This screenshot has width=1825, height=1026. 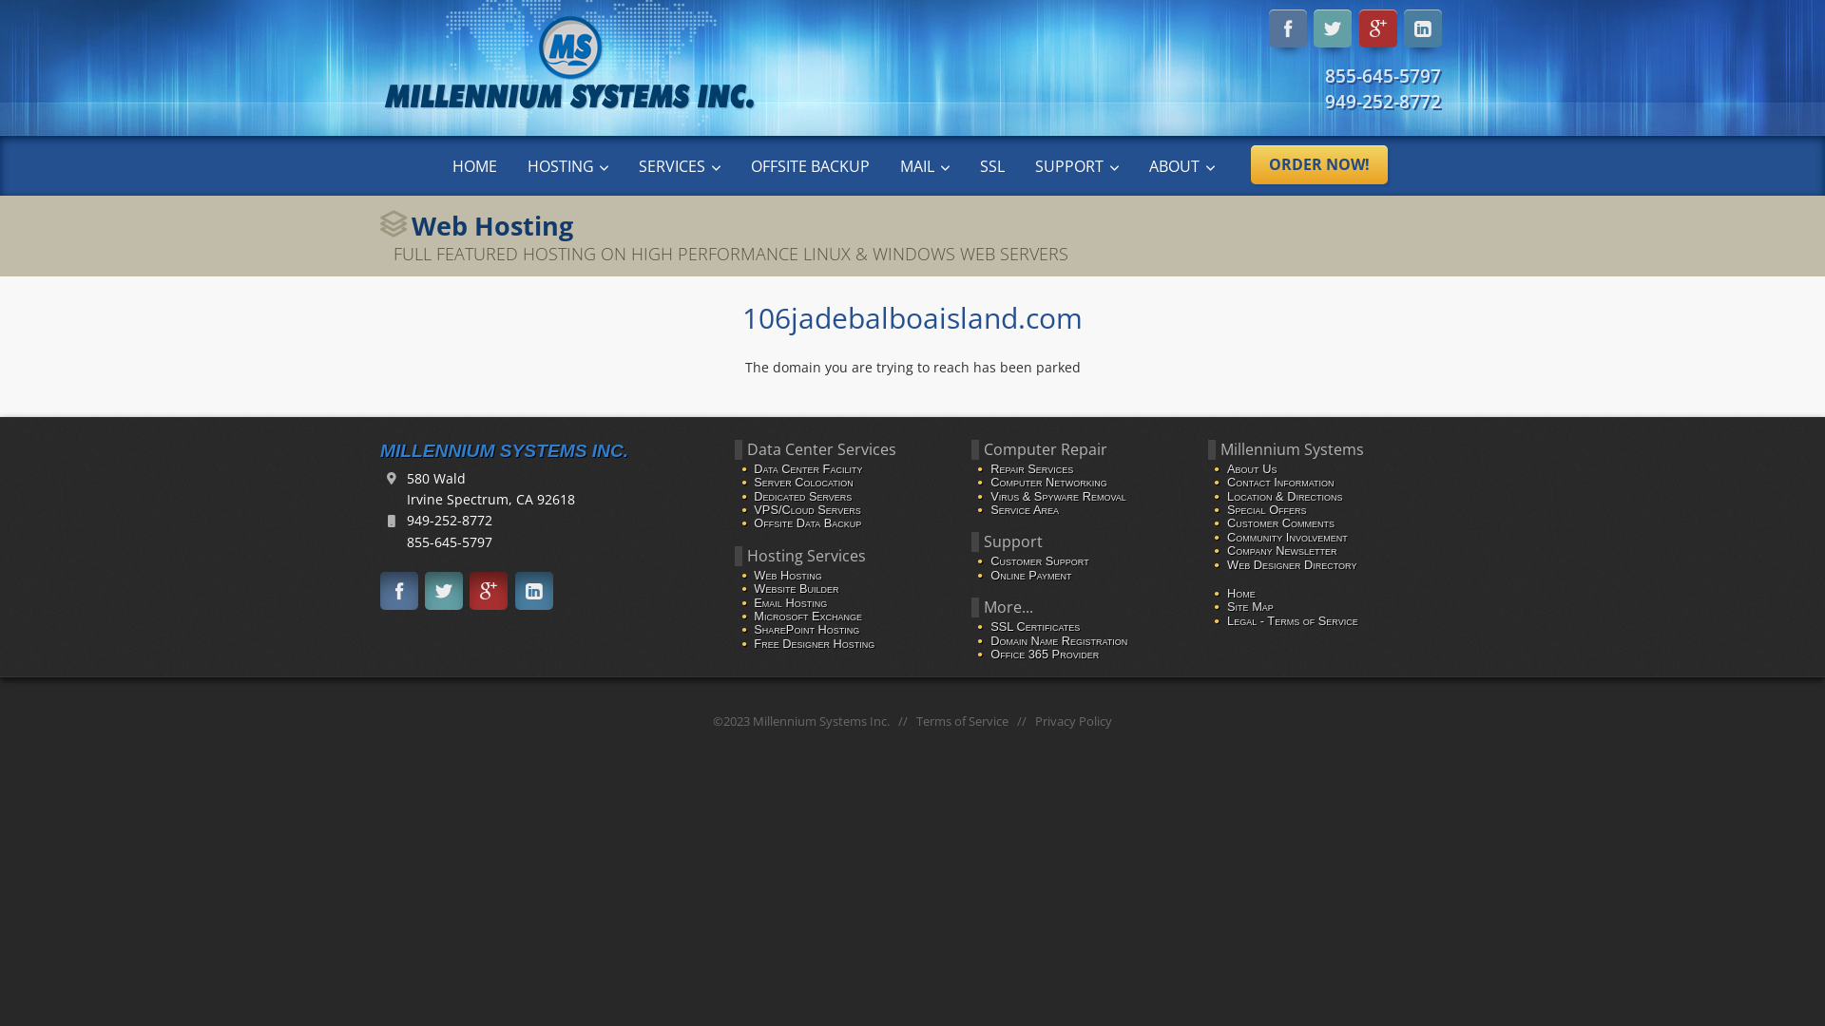 I want to click on 'Domain Name Registration', so click(x=1057, y=640).